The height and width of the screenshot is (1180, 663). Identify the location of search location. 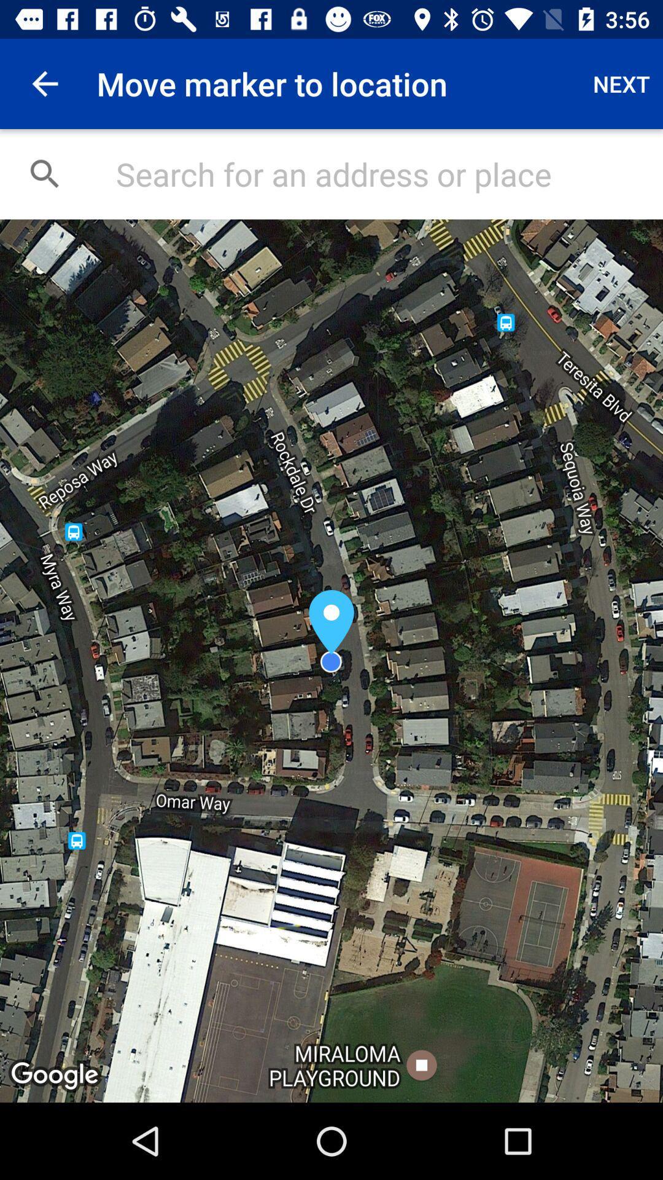
(376, 173).